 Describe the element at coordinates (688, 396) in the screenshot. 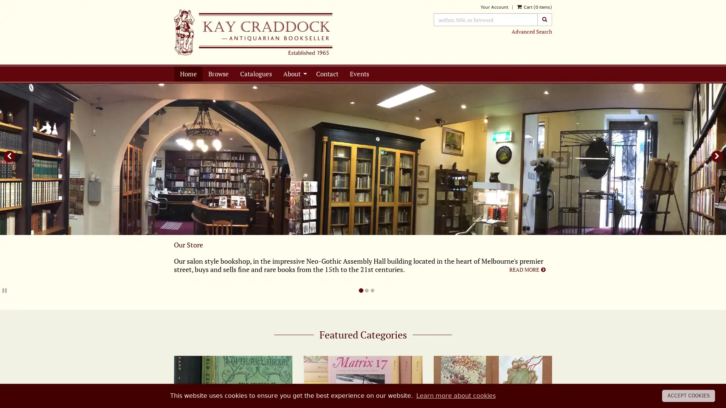

I see `Accept Cookies` at that location.